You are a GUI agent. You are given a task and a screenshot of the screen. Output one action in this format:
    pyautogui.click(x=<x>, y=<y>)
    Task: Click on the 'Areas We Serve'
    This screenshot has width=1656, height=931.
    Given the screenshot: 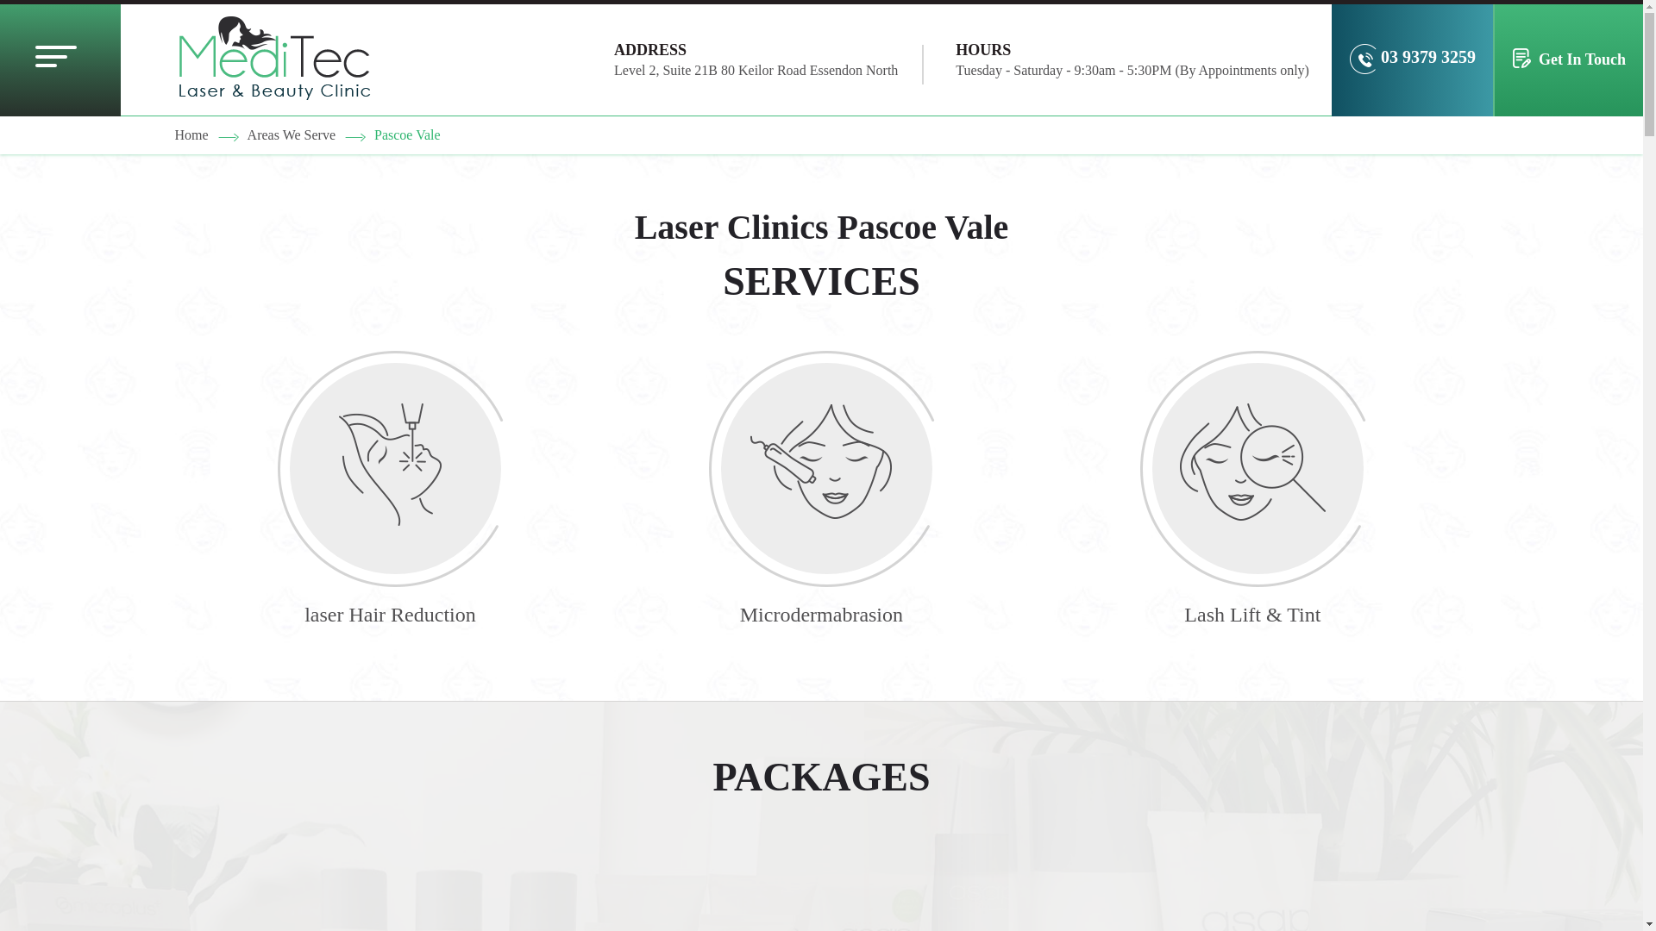 What is the action you would take?
    pyautogui.click(x=291, y=134)
    